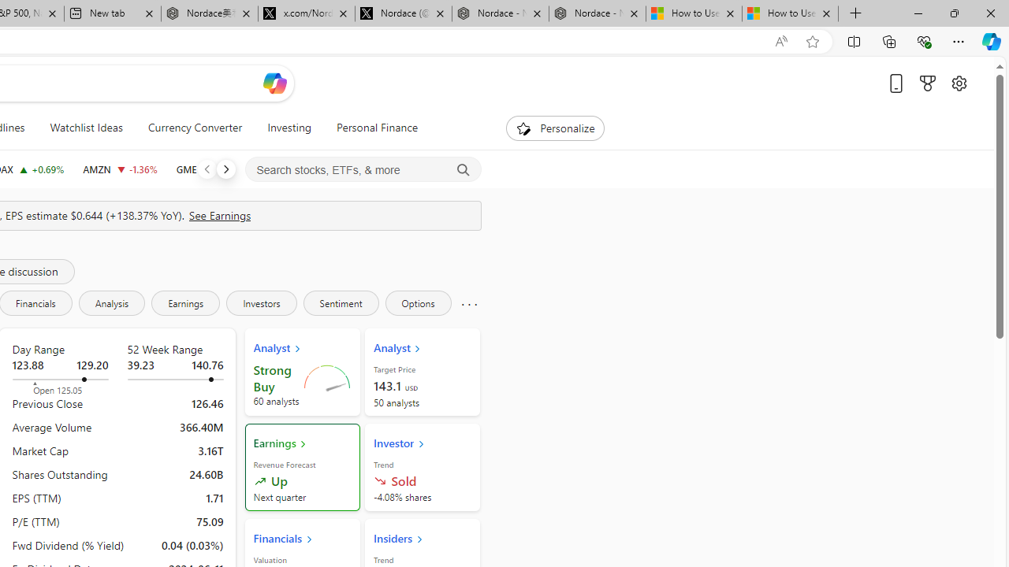  What do you see at coordinates (927, 83) in the screenshot?
I see `'Microsoft rewards'` at bounding box center [927, 83].